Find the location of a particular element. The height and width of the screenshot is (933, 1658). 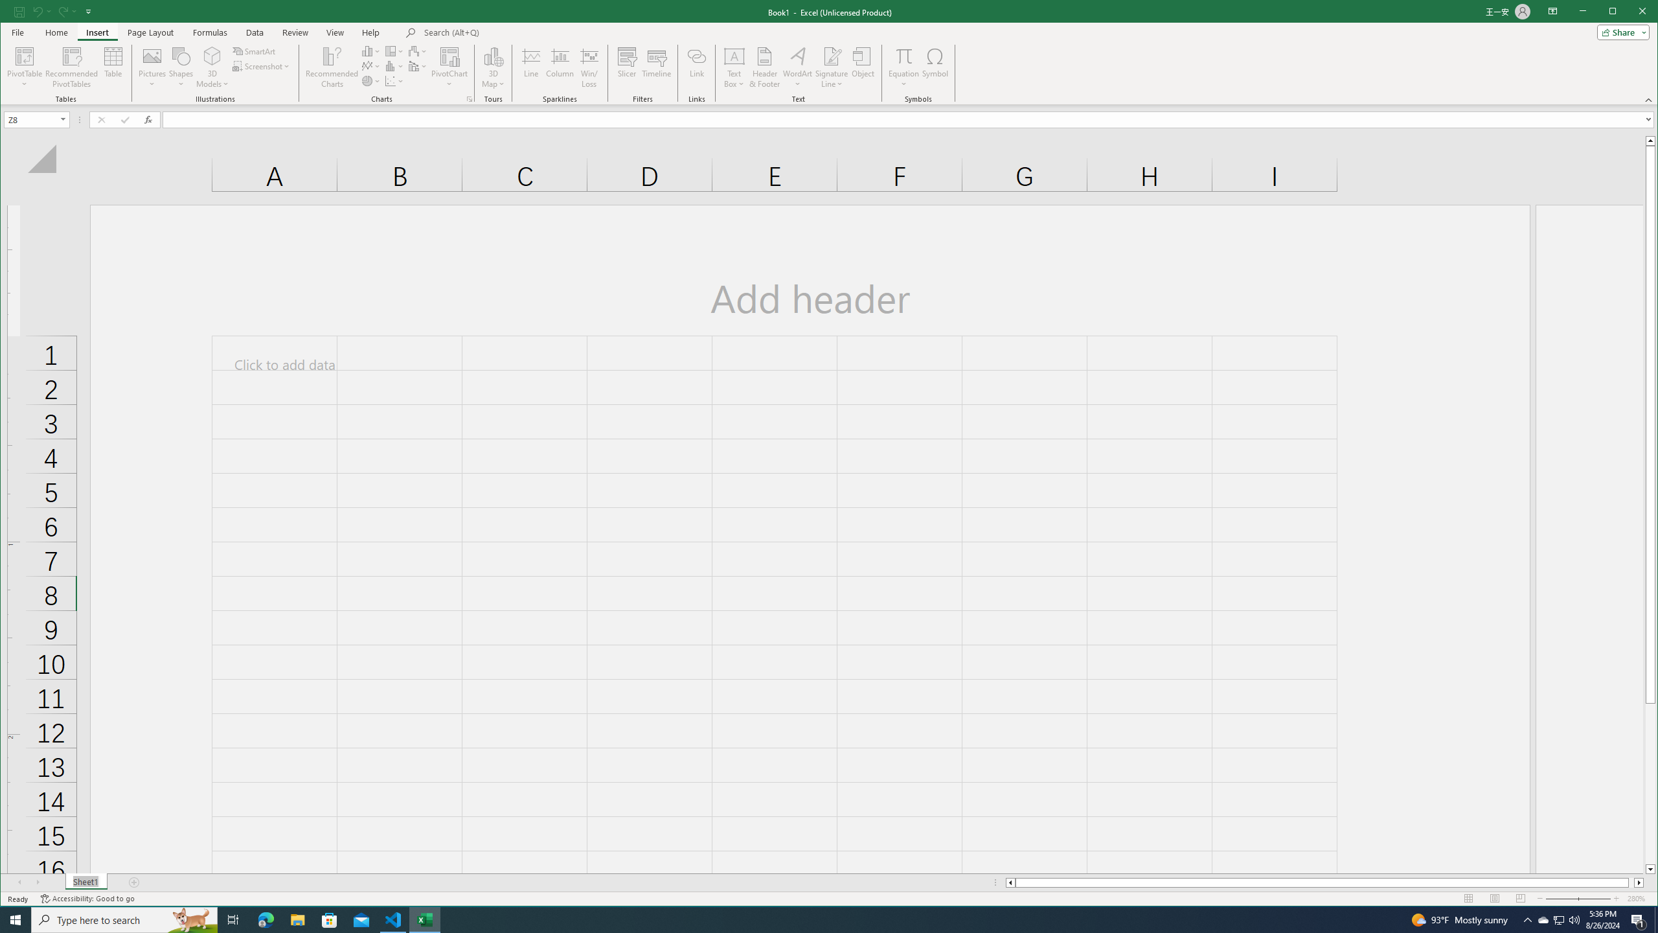

'User Promoted Notification Area' is located at coordinates (1558, 919).